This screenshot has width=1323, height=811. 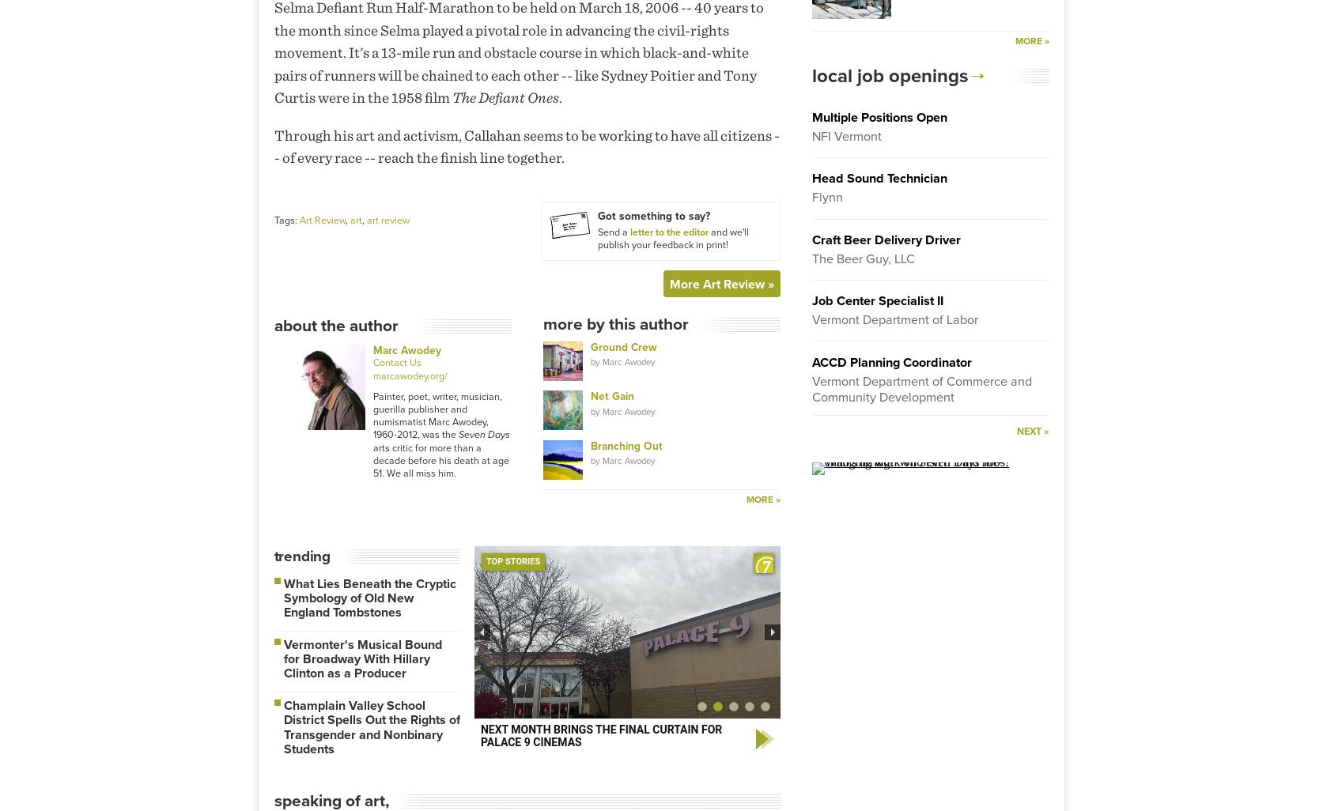 What do you see at coordinates (335, 326) in the screenshot?
I see `'About The Author'` at bounding box center [335, 326].